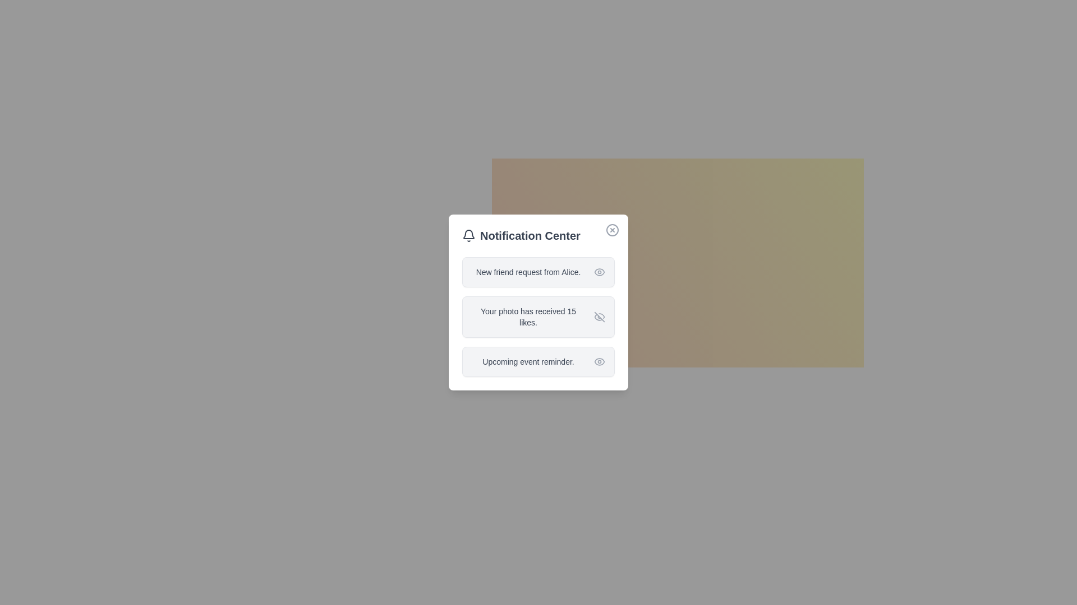  What do you see at coordinates (538, 317) in the screenshot?
I see `the notification text in the second notification card that indicates a photo has received likes, located in the Notification Center panel` at bounding box center [538, 317].